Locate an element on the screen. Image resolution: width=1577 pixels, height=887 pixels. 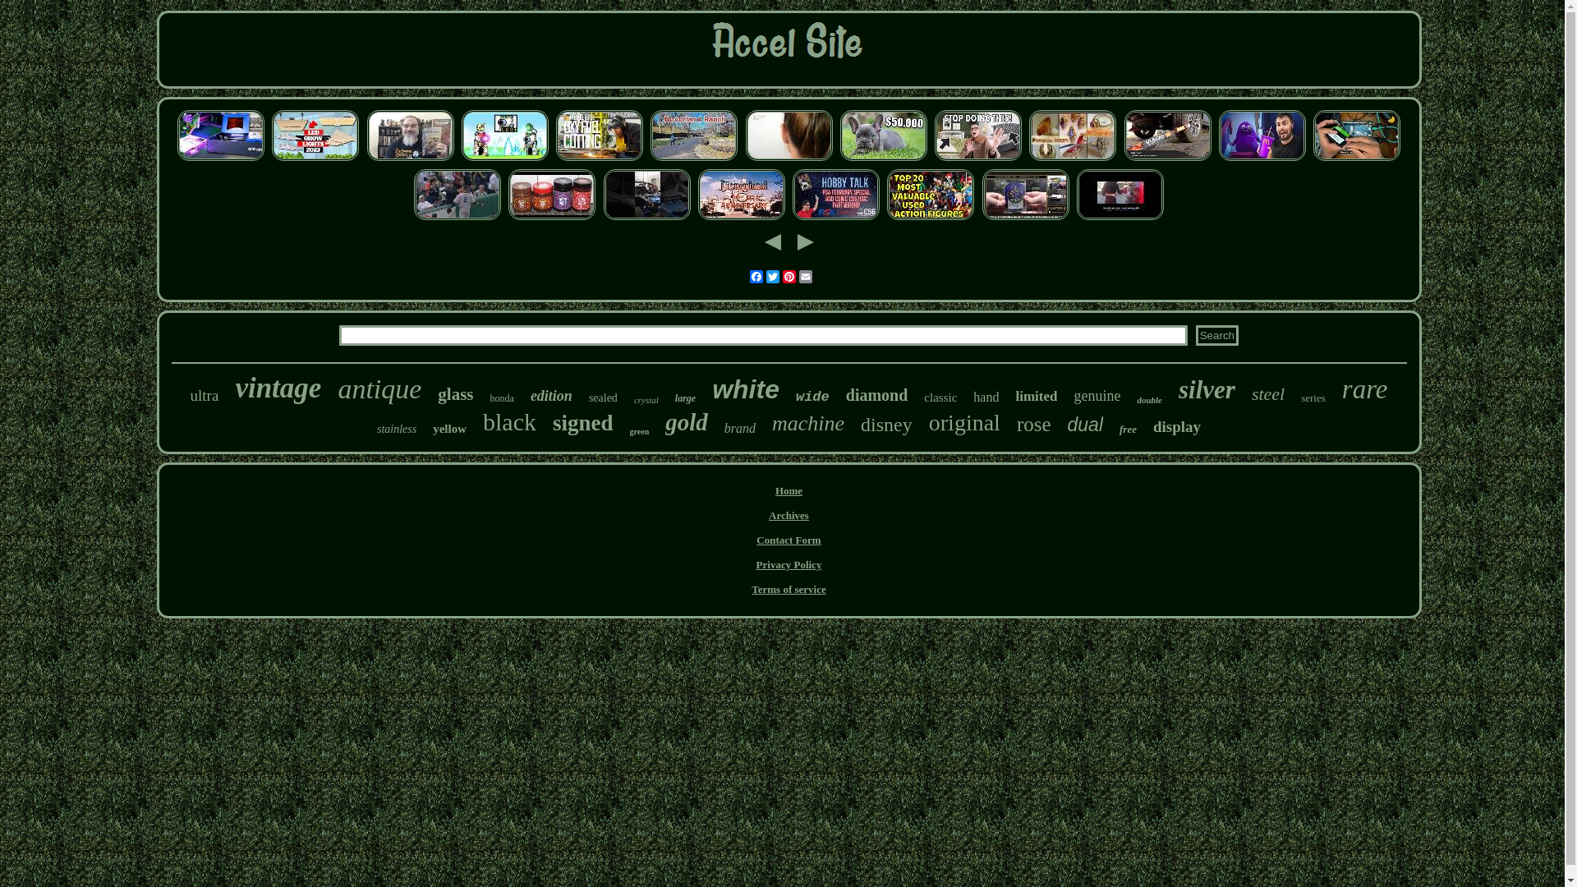
'rare' is located at coordinates (1364, 389).